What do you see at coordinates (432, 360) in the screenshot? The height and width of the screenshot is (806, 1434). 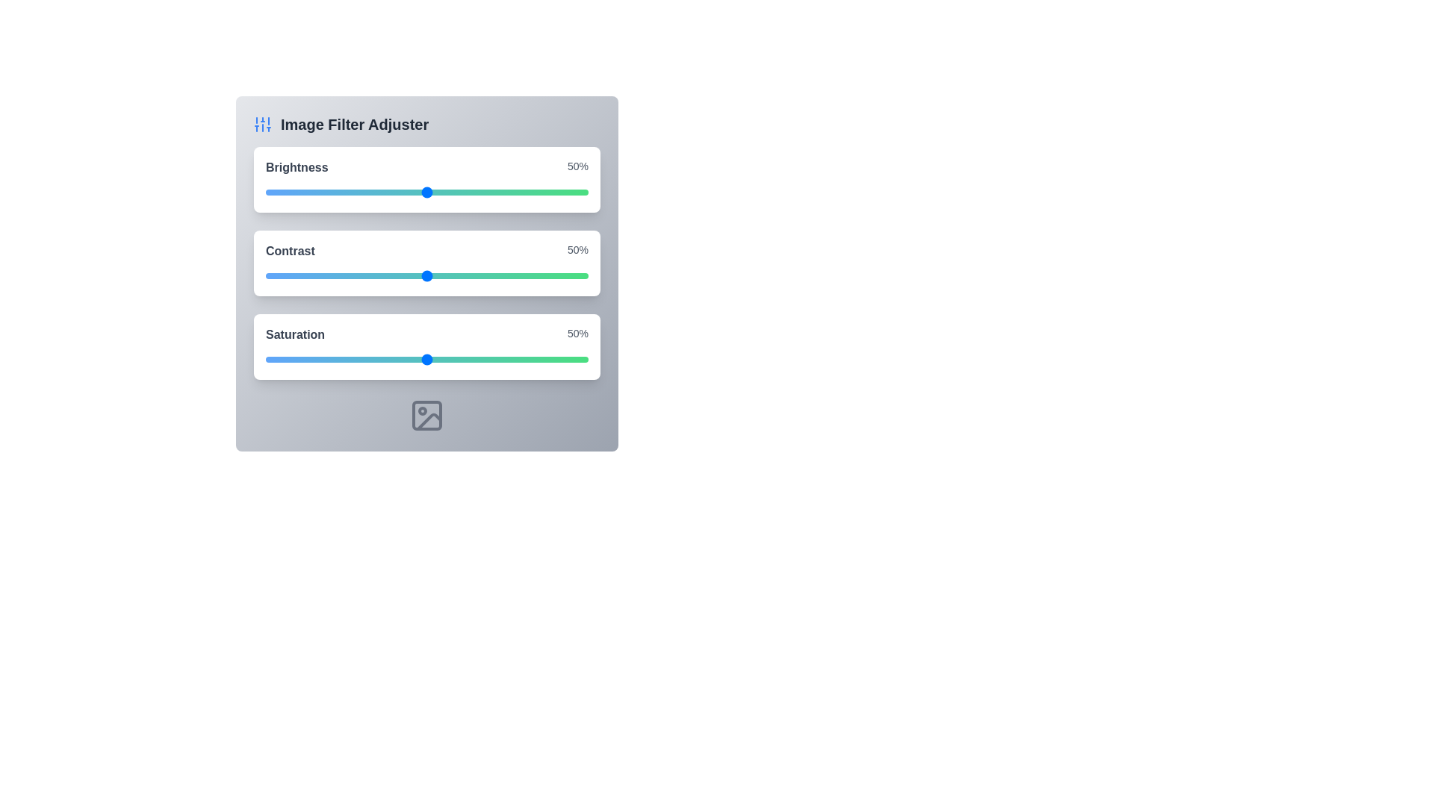 I see `the saturation slider to 52%` at bounding box center [432, 360].